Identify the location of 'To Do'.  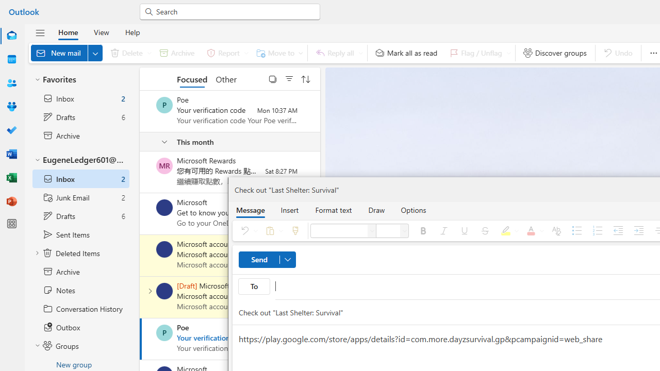
(12, 130).